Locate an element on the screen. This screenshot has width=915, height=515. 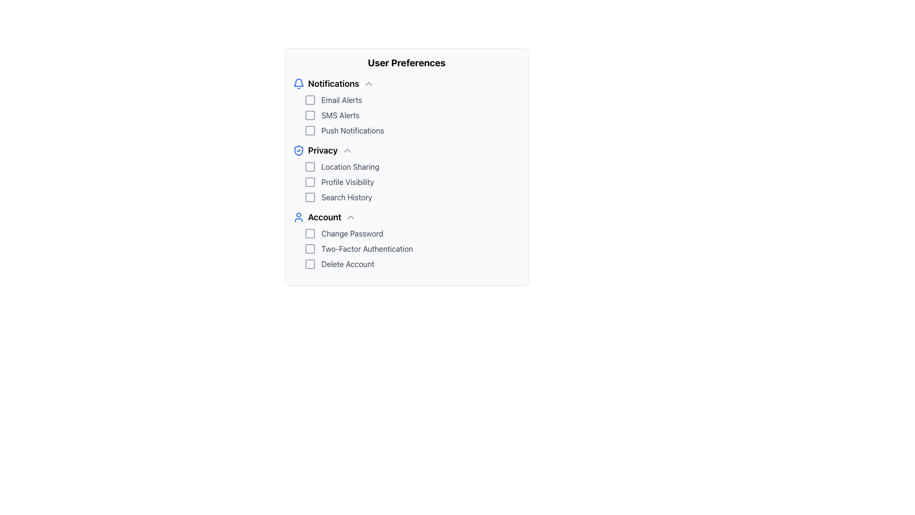
the Checkbox located in the 'Account' section of the user preferences UI is located at coordinates (310, 264).